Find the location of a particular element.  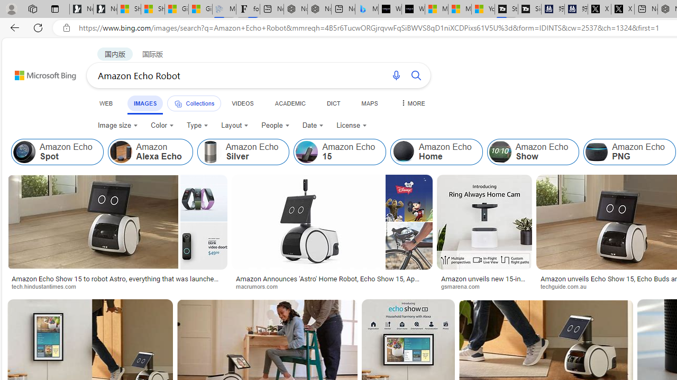

'Layout' is located at coordinates (234, 125).